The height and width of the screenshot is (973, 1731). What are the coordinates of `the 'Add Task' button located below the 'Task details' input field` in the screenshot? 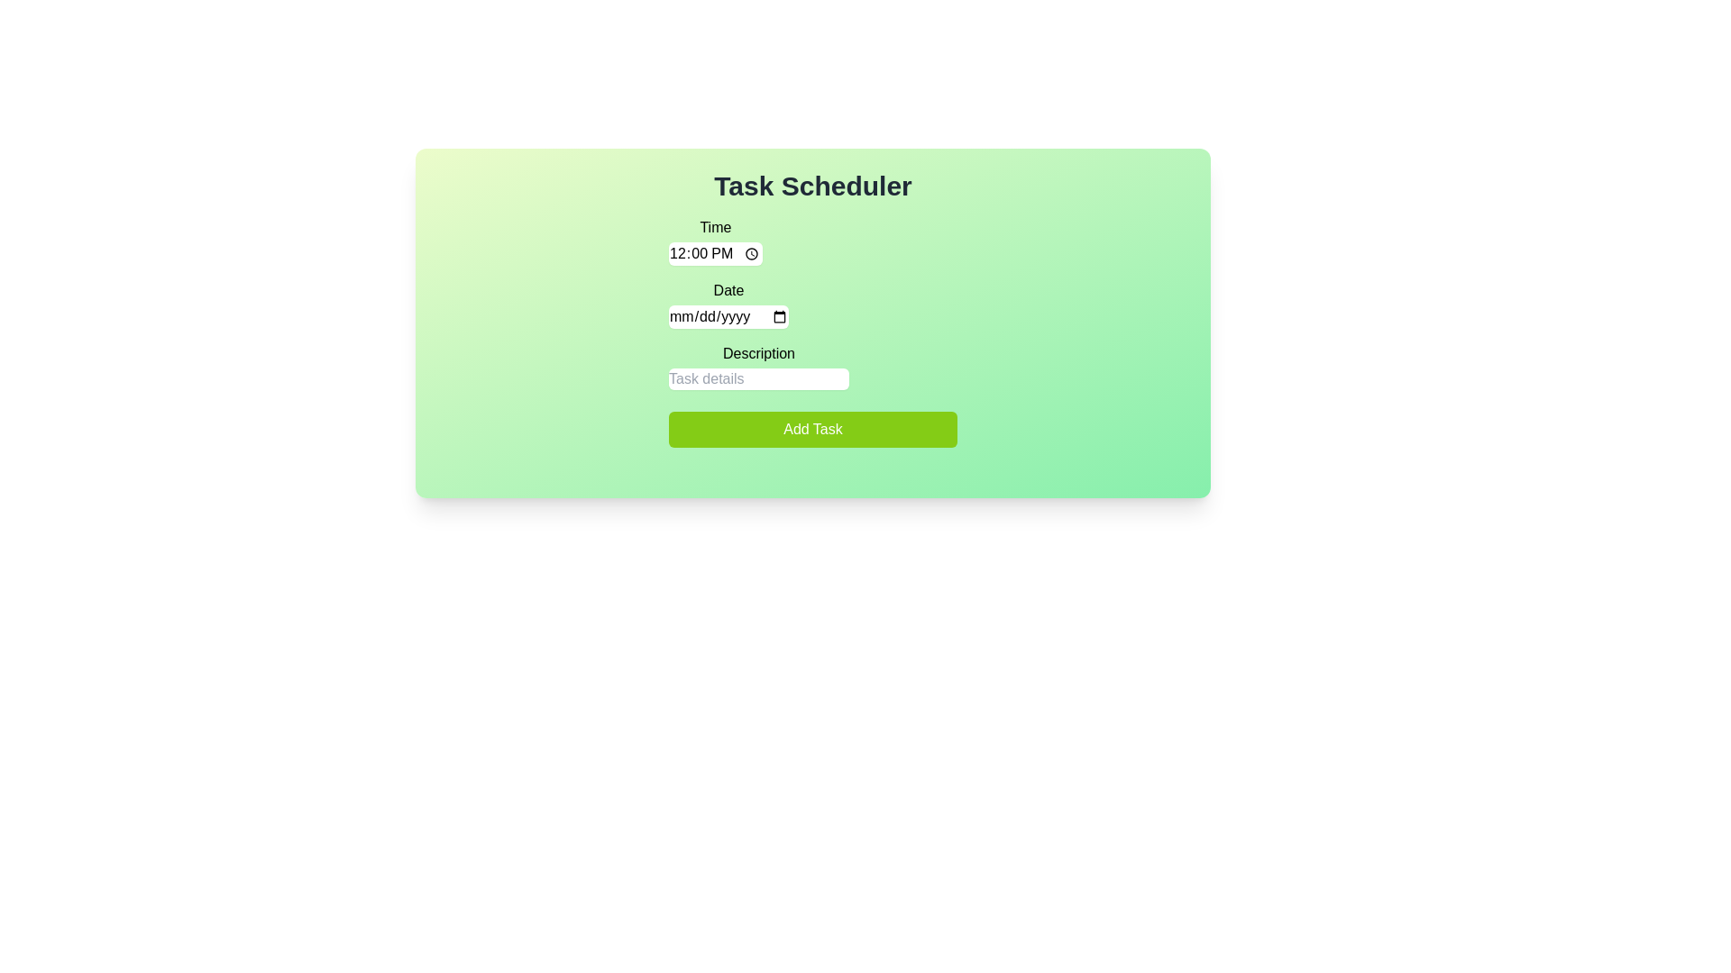 It's located at (812, 430).